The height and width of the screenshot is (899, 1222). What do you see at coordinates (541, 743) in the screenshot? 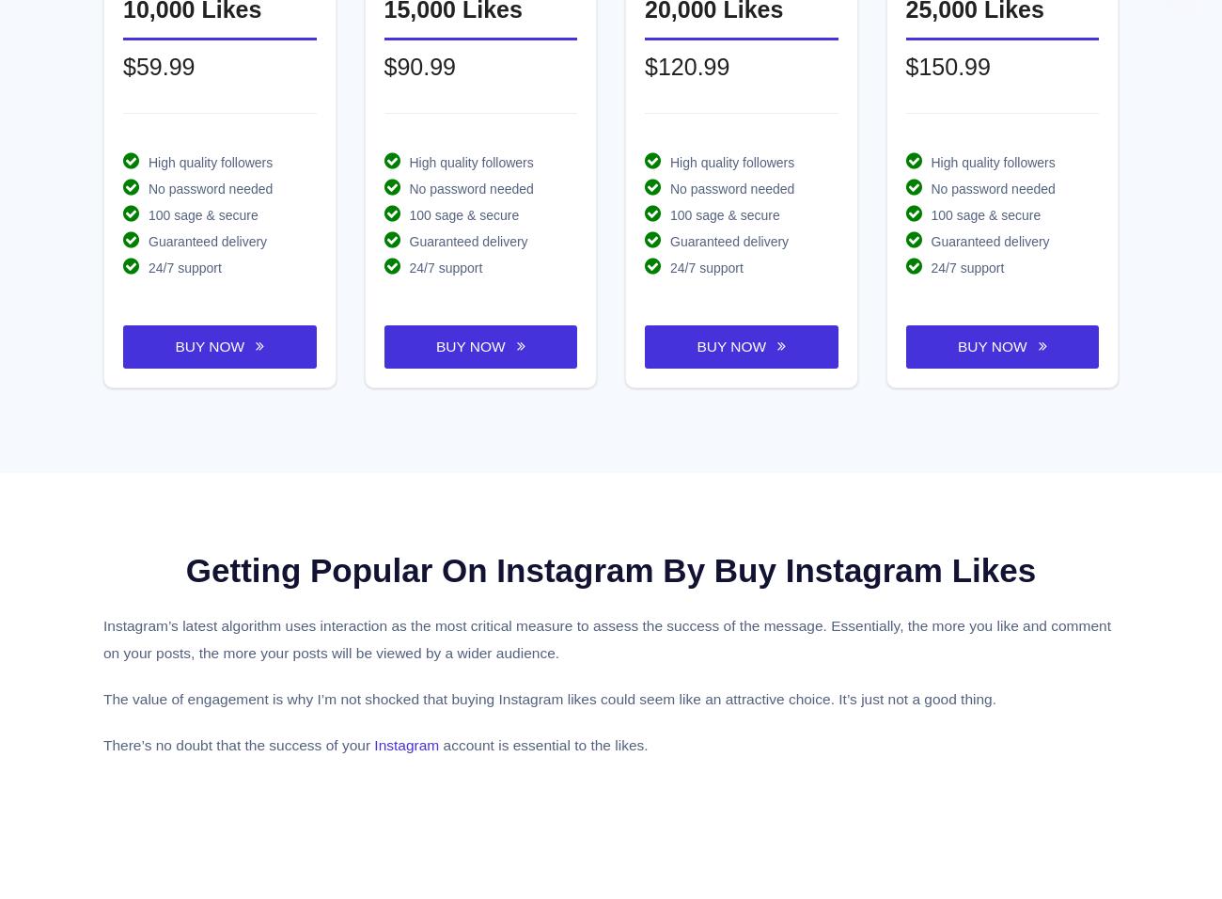
I see `'account is essential to the likes.'` at bounding box center [541, 743].